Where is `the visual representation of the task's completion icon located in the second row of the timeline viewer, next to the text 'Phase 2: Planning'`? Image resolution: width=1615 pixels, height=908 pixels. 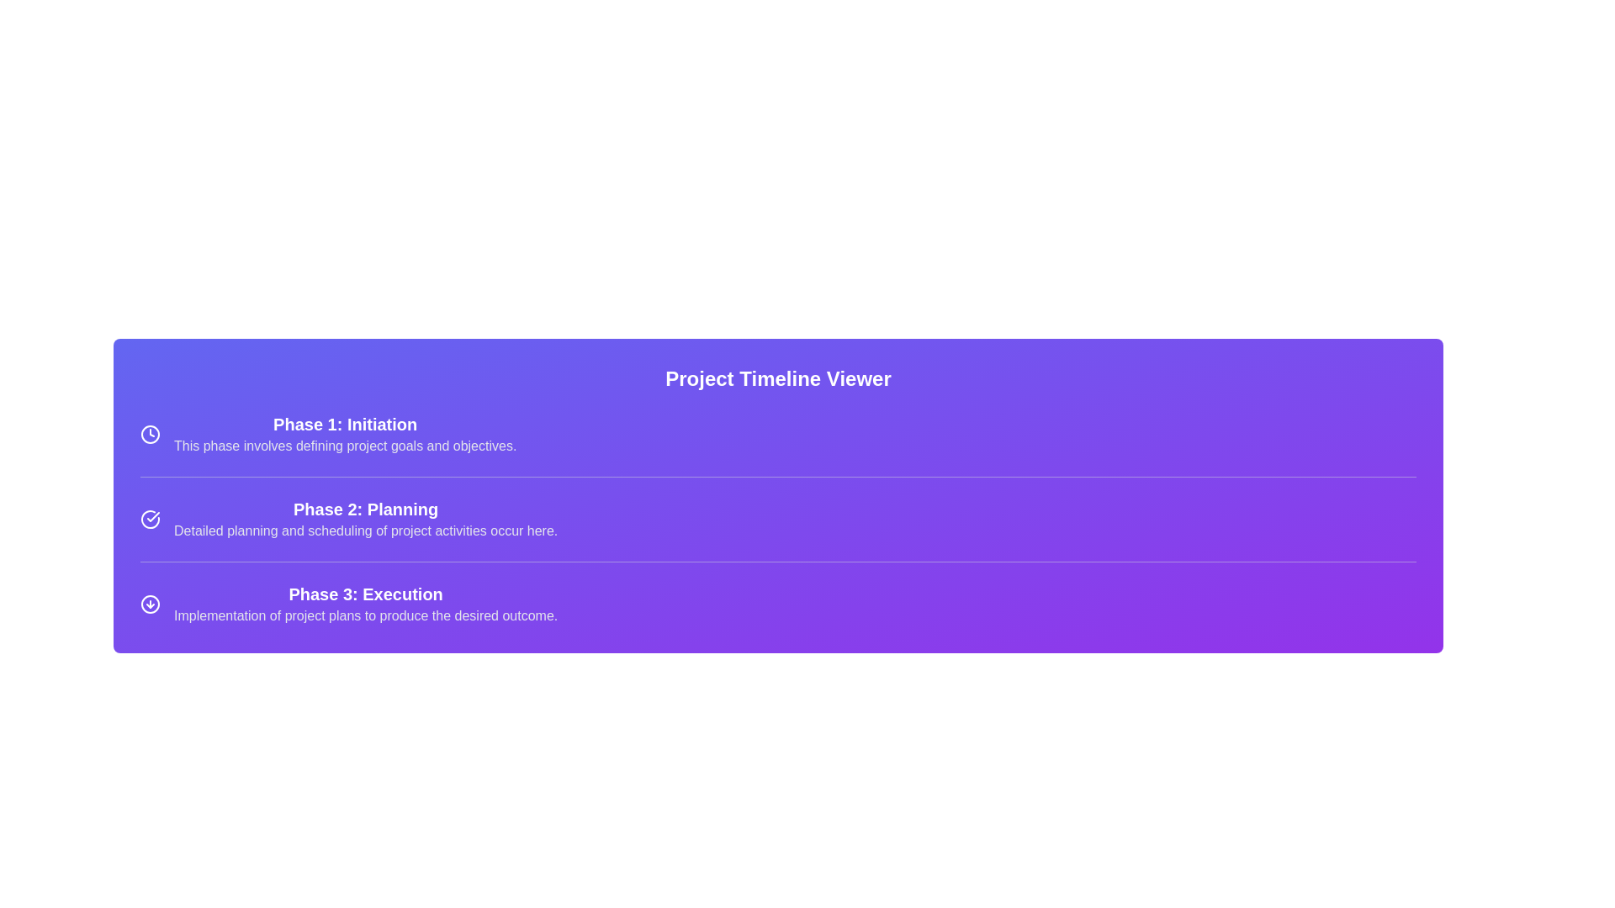 the visual representation of the task's completion icon located in the second row of the timeline viewer, next to the text 'Phase 2: Planning' is located at coordinates (153, 515).